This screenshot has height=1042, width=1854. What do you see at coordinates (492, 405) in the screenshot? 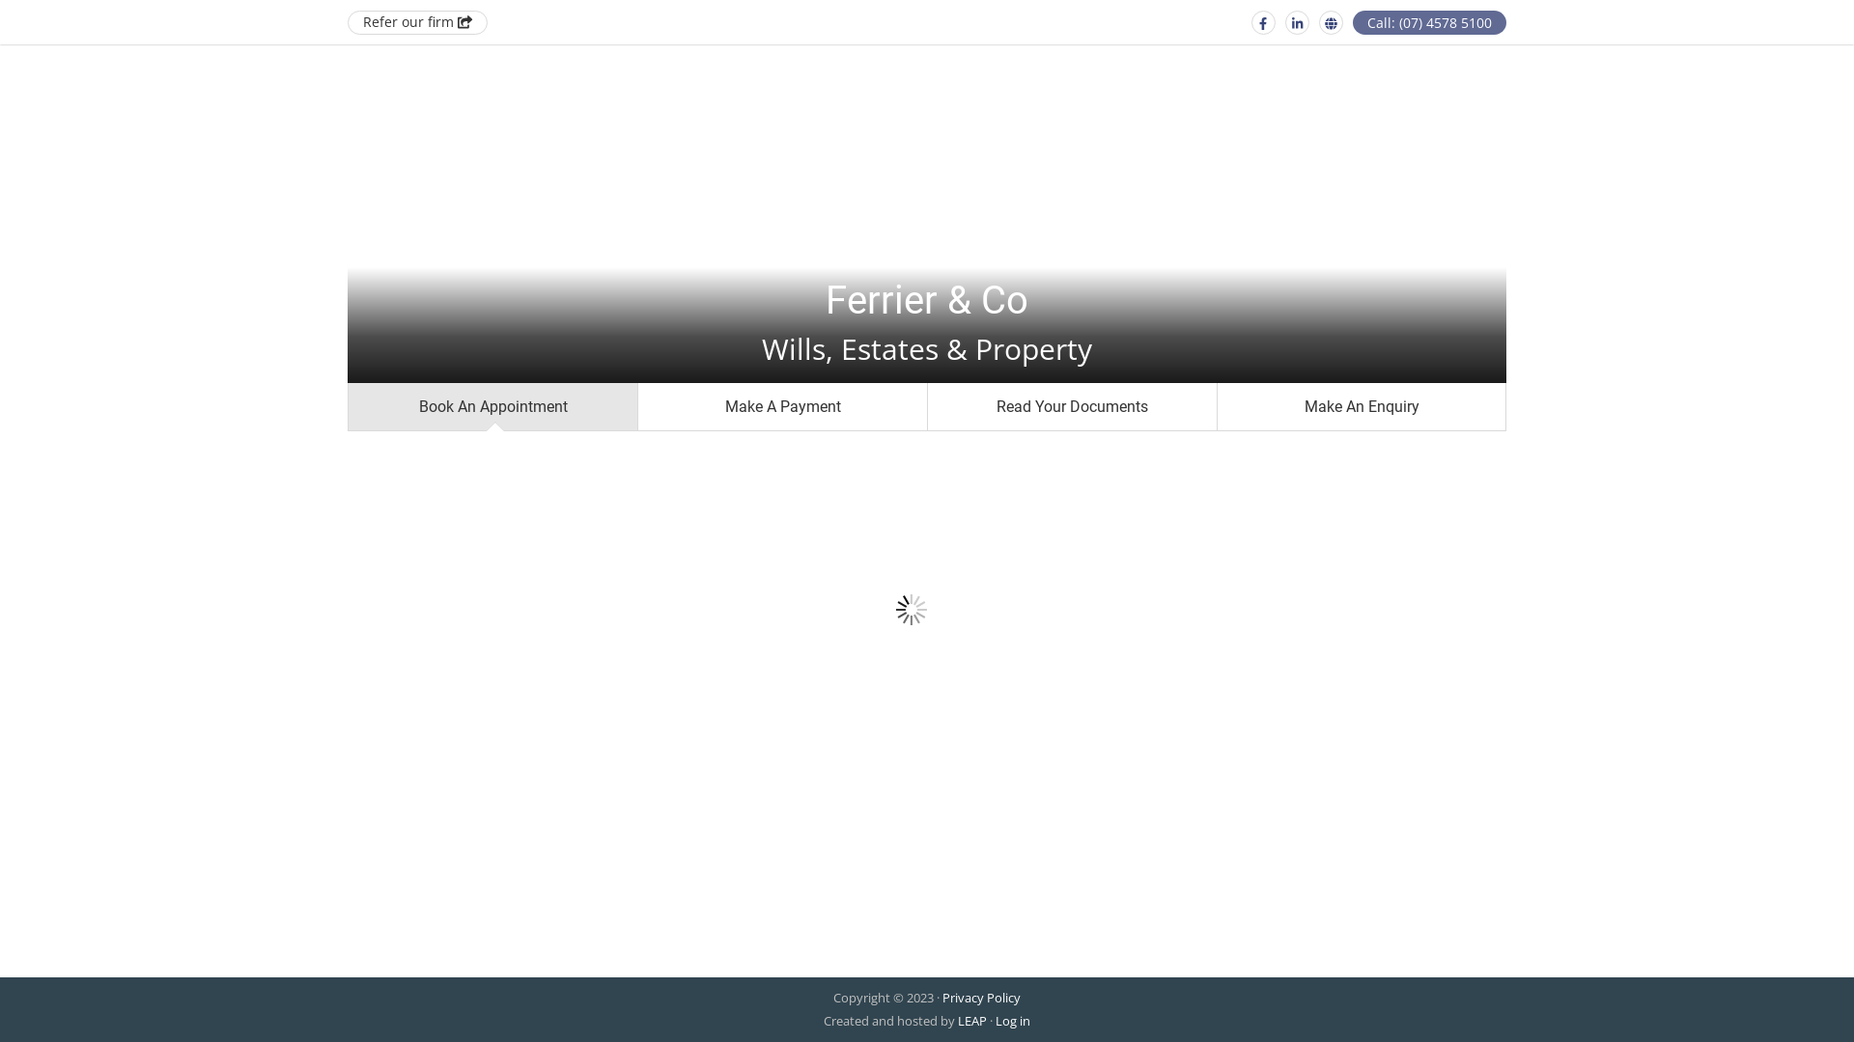
I see `'Book An Appointment'` at bounding box center [492, 405].